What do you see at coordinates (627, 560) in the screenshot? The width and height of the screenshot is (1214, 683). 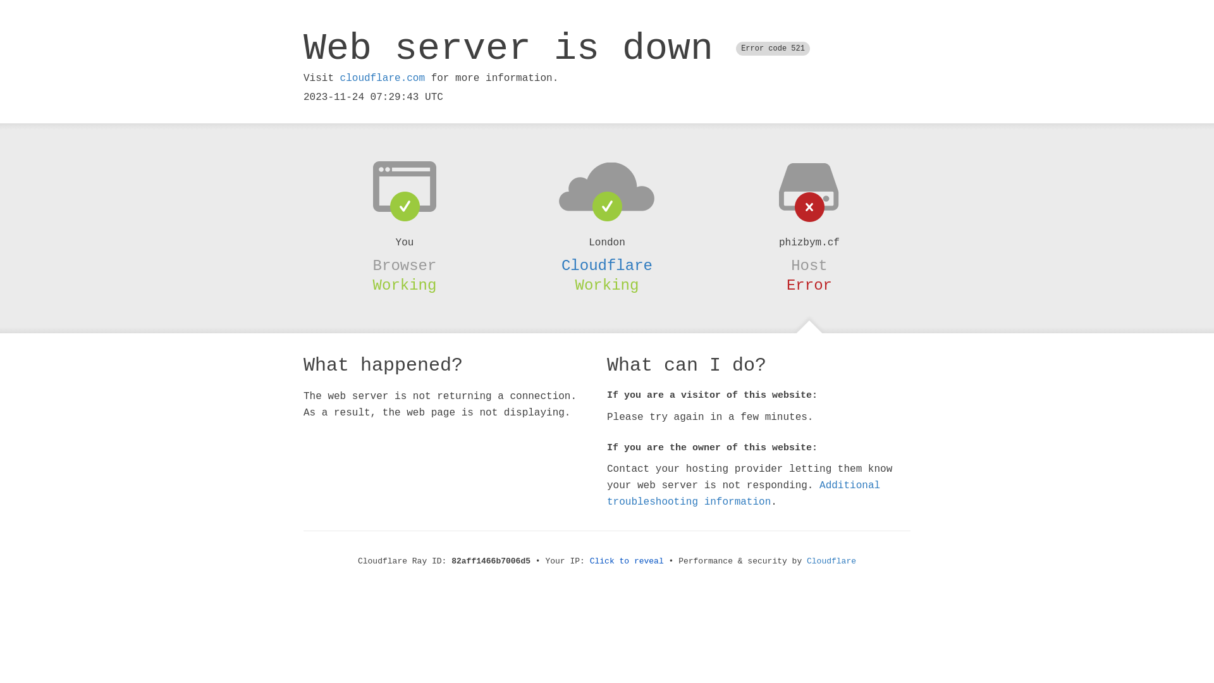 I see `'Click to reveal'` at bounding box center [627, 560].